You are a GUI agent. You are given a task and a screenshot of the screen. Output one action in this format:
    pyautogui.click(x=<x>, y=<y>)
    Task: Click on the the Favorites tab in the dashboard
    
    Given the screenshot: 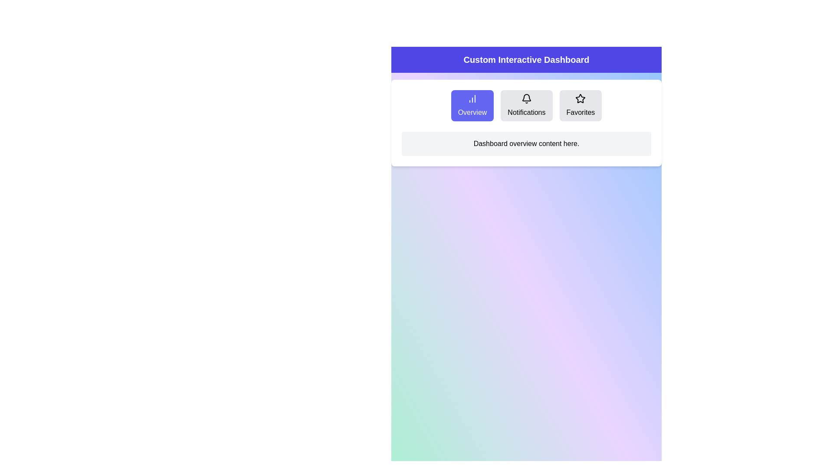 What is the action you would take?
    pyautogui.click(x=580, y=105)
    